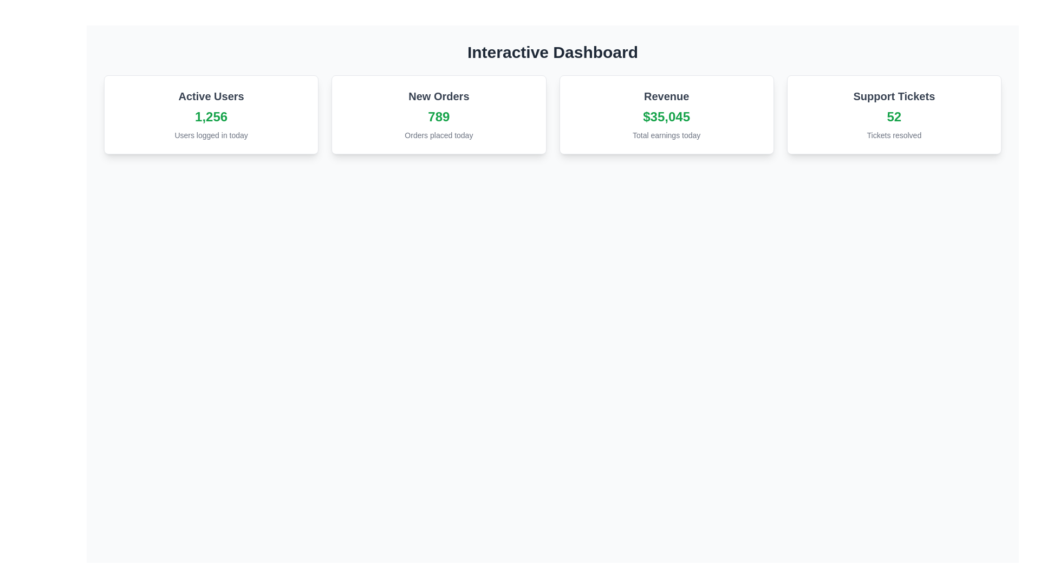 This screenshot has height=585, width=1040. What do you see at coordinates (666, 95) in the screenshot?
I see `the header label positioned at the top center of the card, which provides context for the displayed statistics below it` at bounding box center [666, 95].